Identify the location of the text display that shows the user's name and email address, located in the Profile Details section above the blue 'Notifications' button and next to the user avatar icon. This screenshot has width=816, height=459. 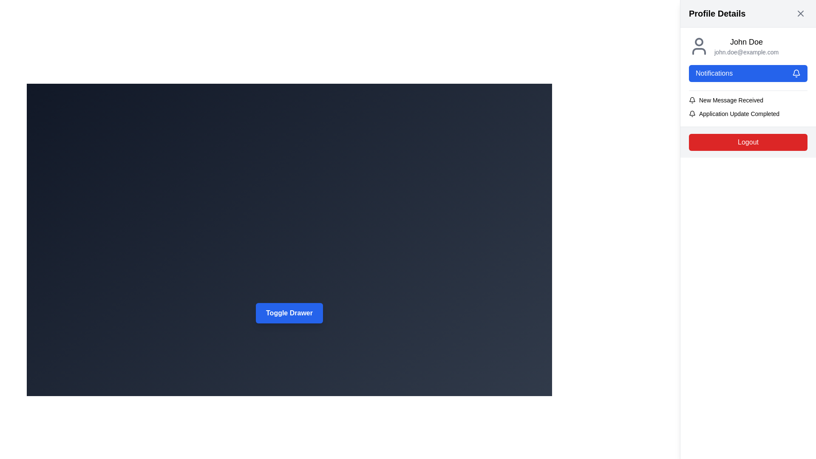
(746, 46).